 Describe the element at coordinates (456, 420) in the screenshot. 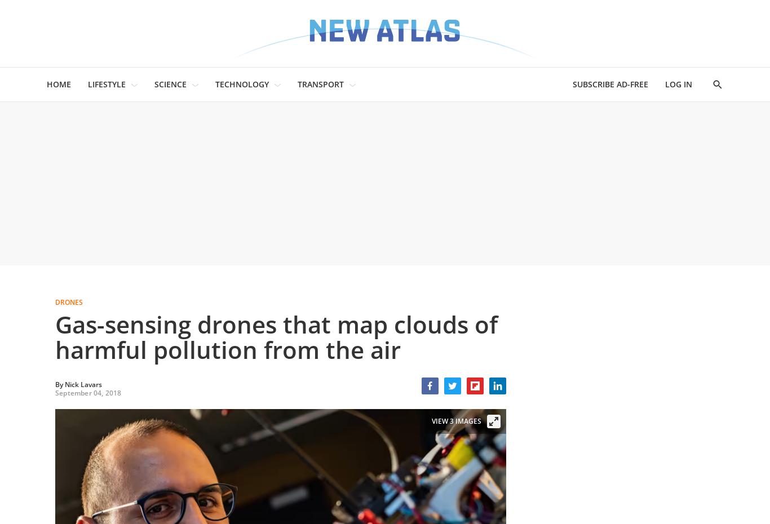

I see `'View 3 Images'` at that location.